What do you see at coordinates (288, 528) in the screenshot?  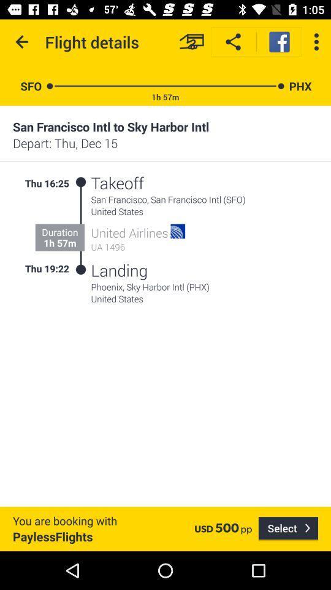 I see `the icon next to pp item` at bounding box center [288, 528].